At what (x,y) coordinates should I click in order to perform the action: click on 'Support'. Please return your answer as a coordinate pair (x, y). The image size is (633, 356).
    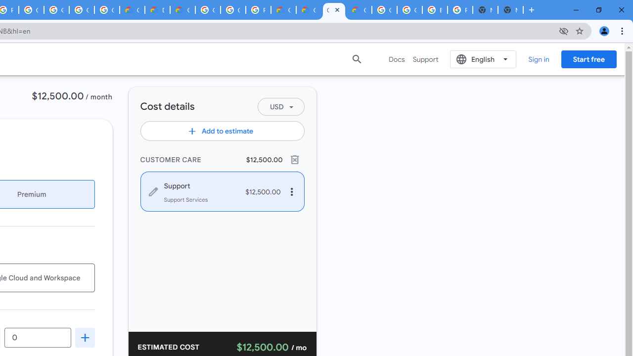
    Looking at the image, I should click on (425, 59).